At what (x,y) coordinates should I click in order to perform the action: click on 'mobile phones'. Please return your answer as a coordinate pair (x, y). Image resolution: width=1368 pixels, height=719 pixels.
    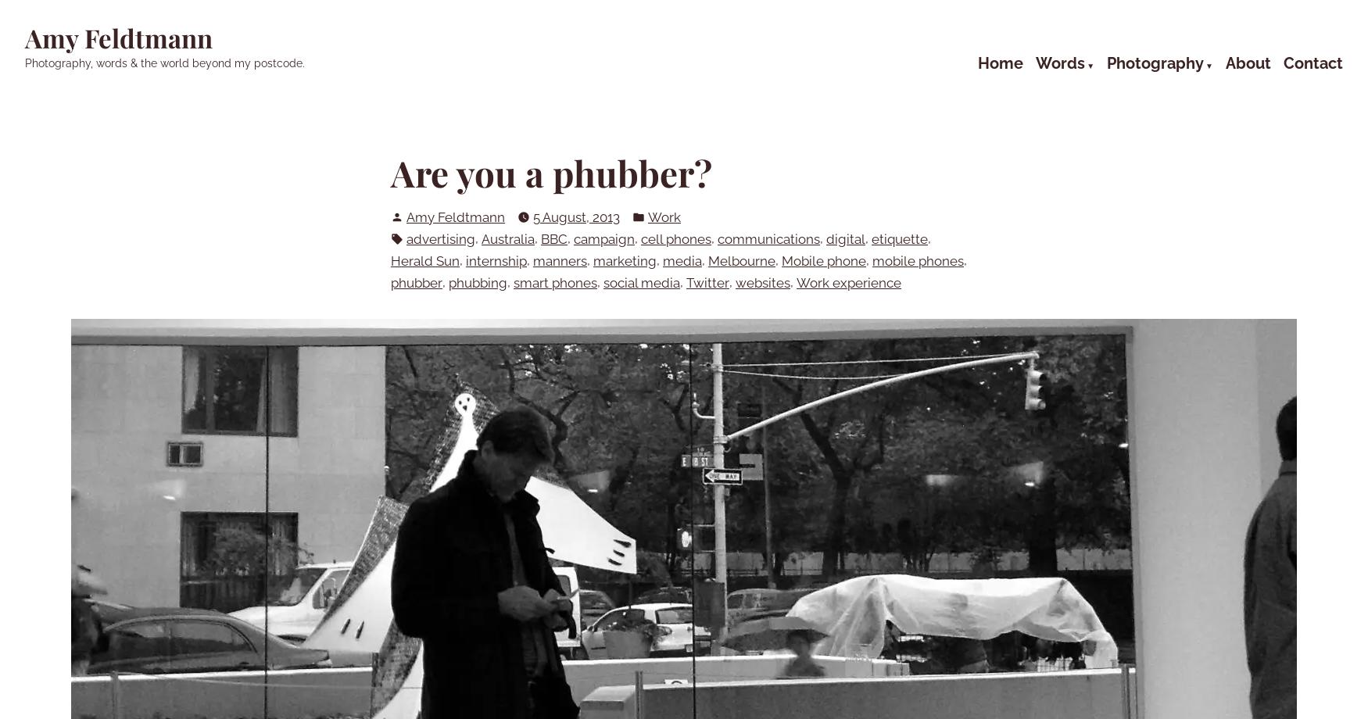
    Looking at the image, I should click on (917, 260).